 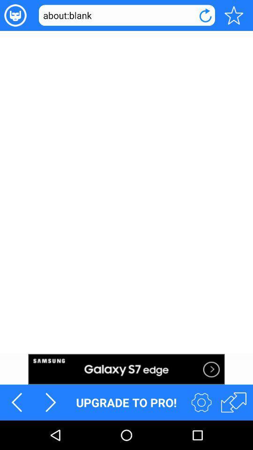 What do you see at coordinates (51, 430) in the screenshot?
I see `the arrow_forward icon` at bounding box center [51, 430].